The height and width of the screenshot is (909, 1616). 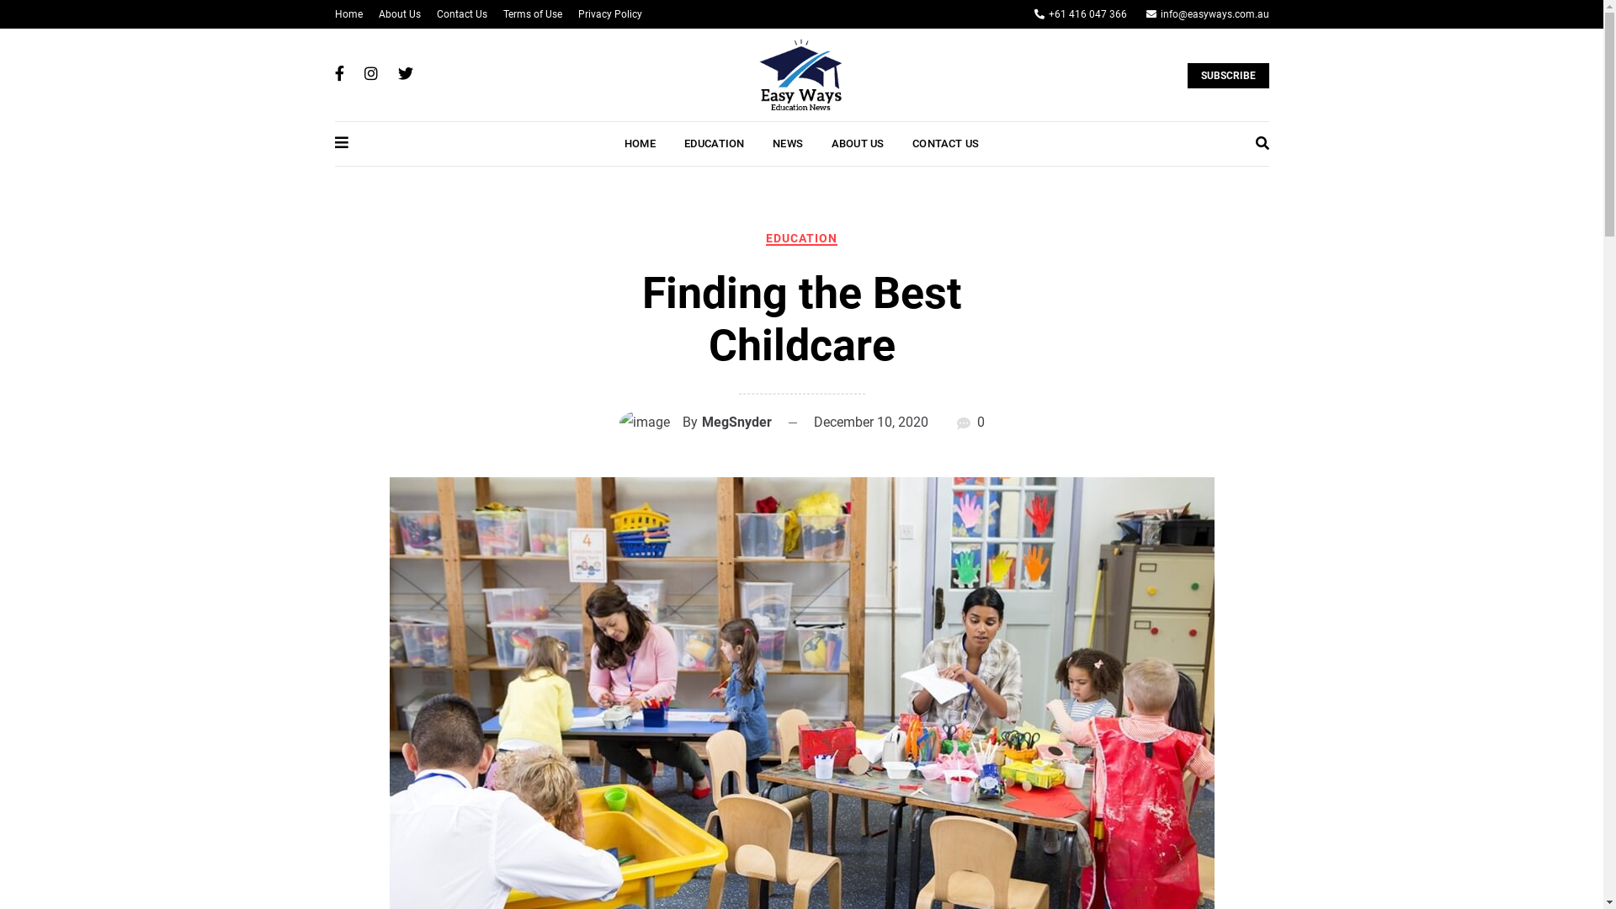 What do you see at coordinates (609, 13) in the screenshot?
I see `'Privacy Policy'` at bounding box center [609, 13].